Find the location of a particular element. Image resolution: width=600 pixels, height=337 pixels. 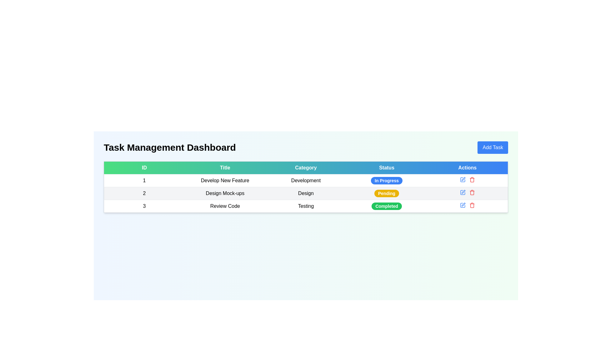

the rounded rectangular label with a green background displaying the word 'Completed' in white text, located in the 'Status' column of the third row in a task management table is located at coordinates (386, 206).